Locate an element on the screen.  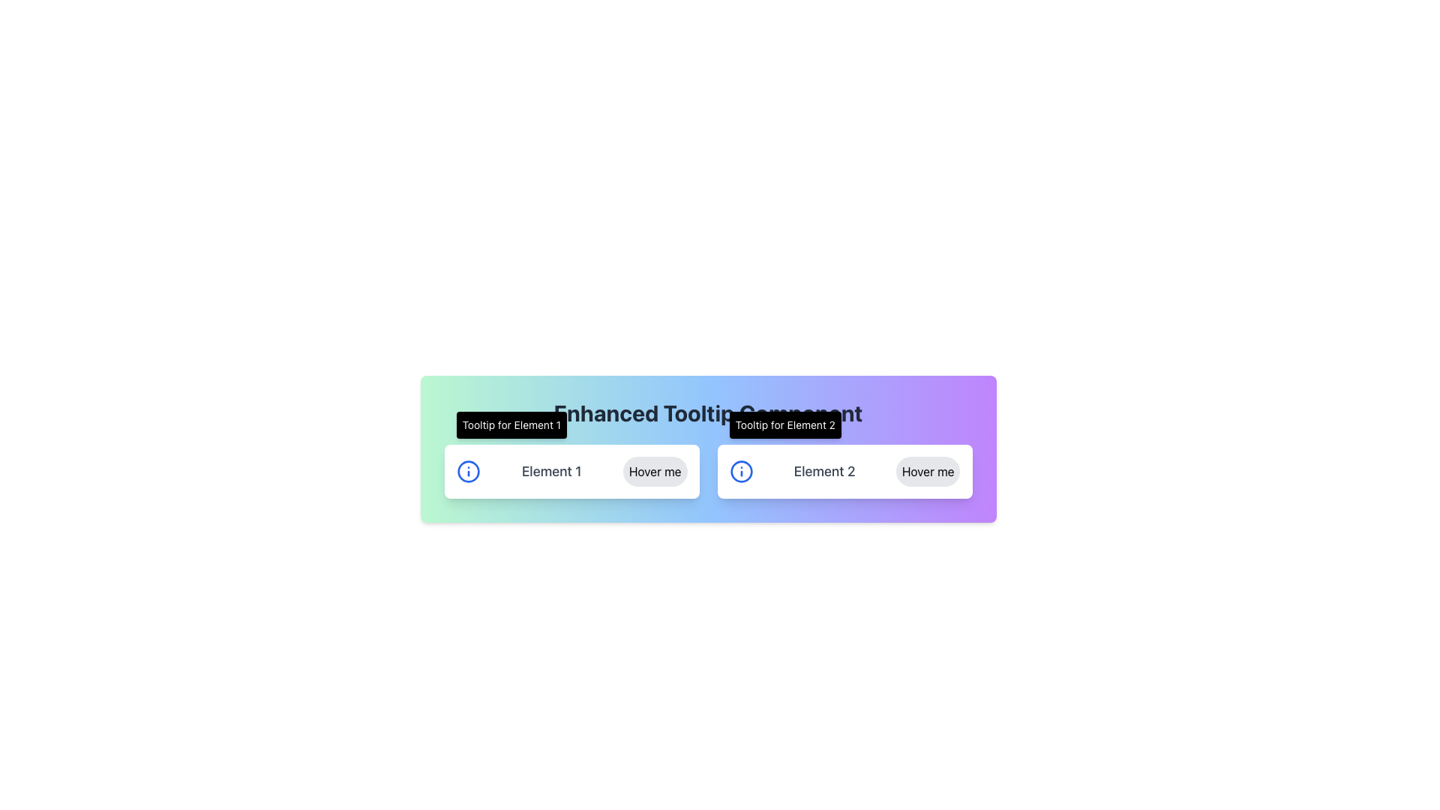
the decorative circular component of the 'Element 2' icon located in the lower right of the interface is located at coordinates (741, 470).